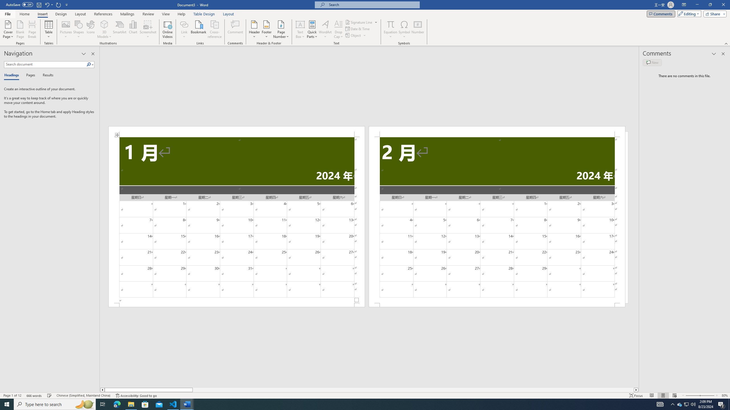  Describe the element at coordinates (83, 395) in the screenshot. I see `'Language Chinese (Simplified, Mainland China)'` at that location.